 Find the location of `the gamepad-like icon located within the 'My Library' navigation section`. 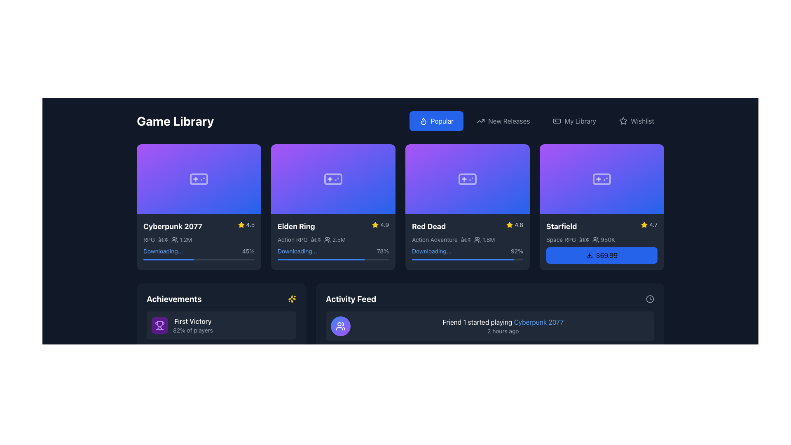

the gamepad-like icon located within the 'My Library' navigation section is located at coordinates (557, 121).